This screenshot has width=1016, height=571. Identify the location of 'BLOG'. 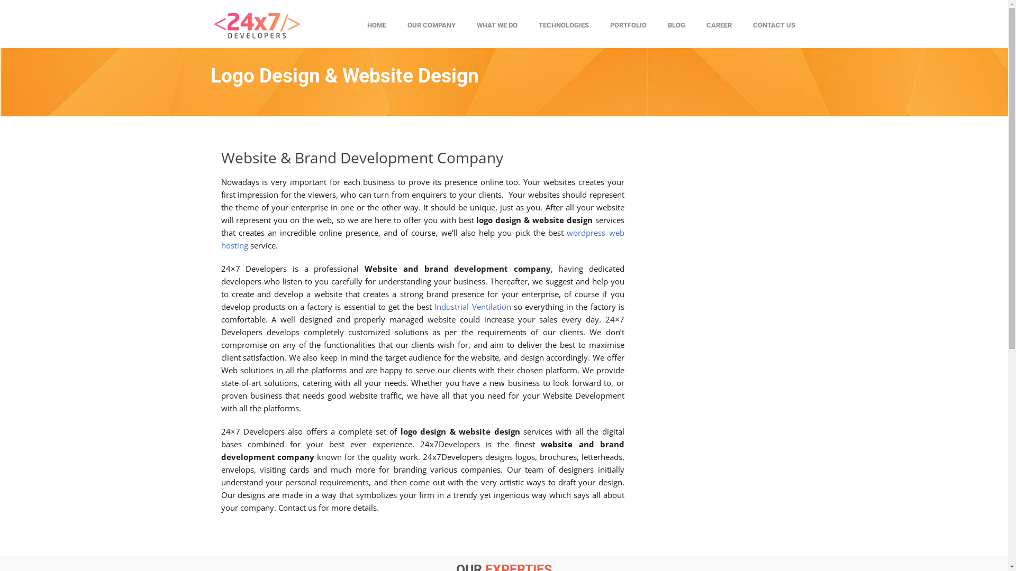
(676, 28).